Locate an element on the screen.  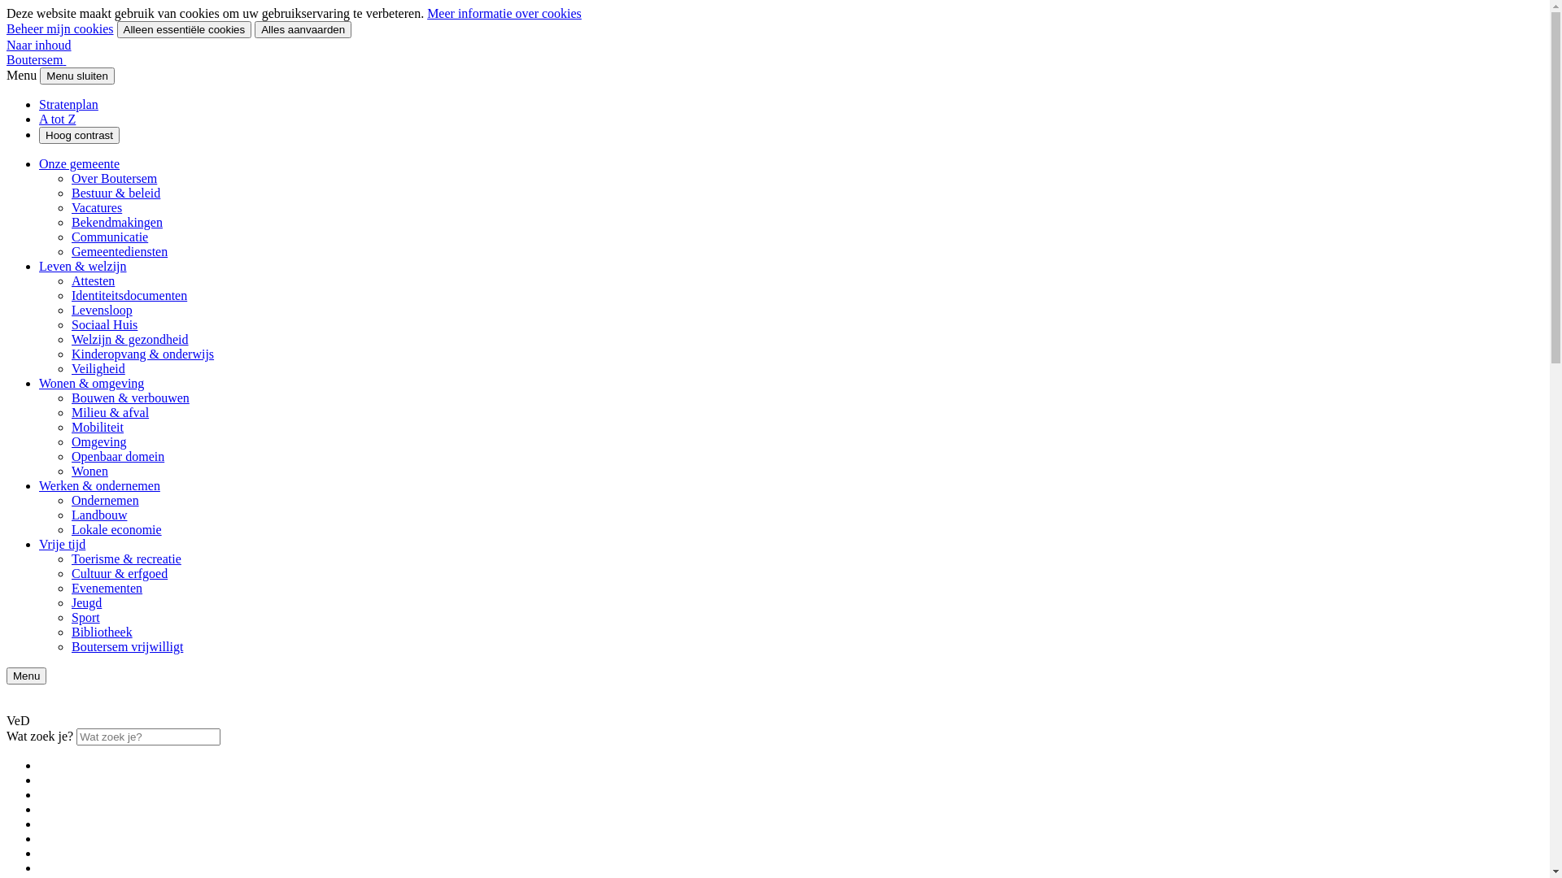
'Bestuur & beleid' is located at coordinates (115, 192).